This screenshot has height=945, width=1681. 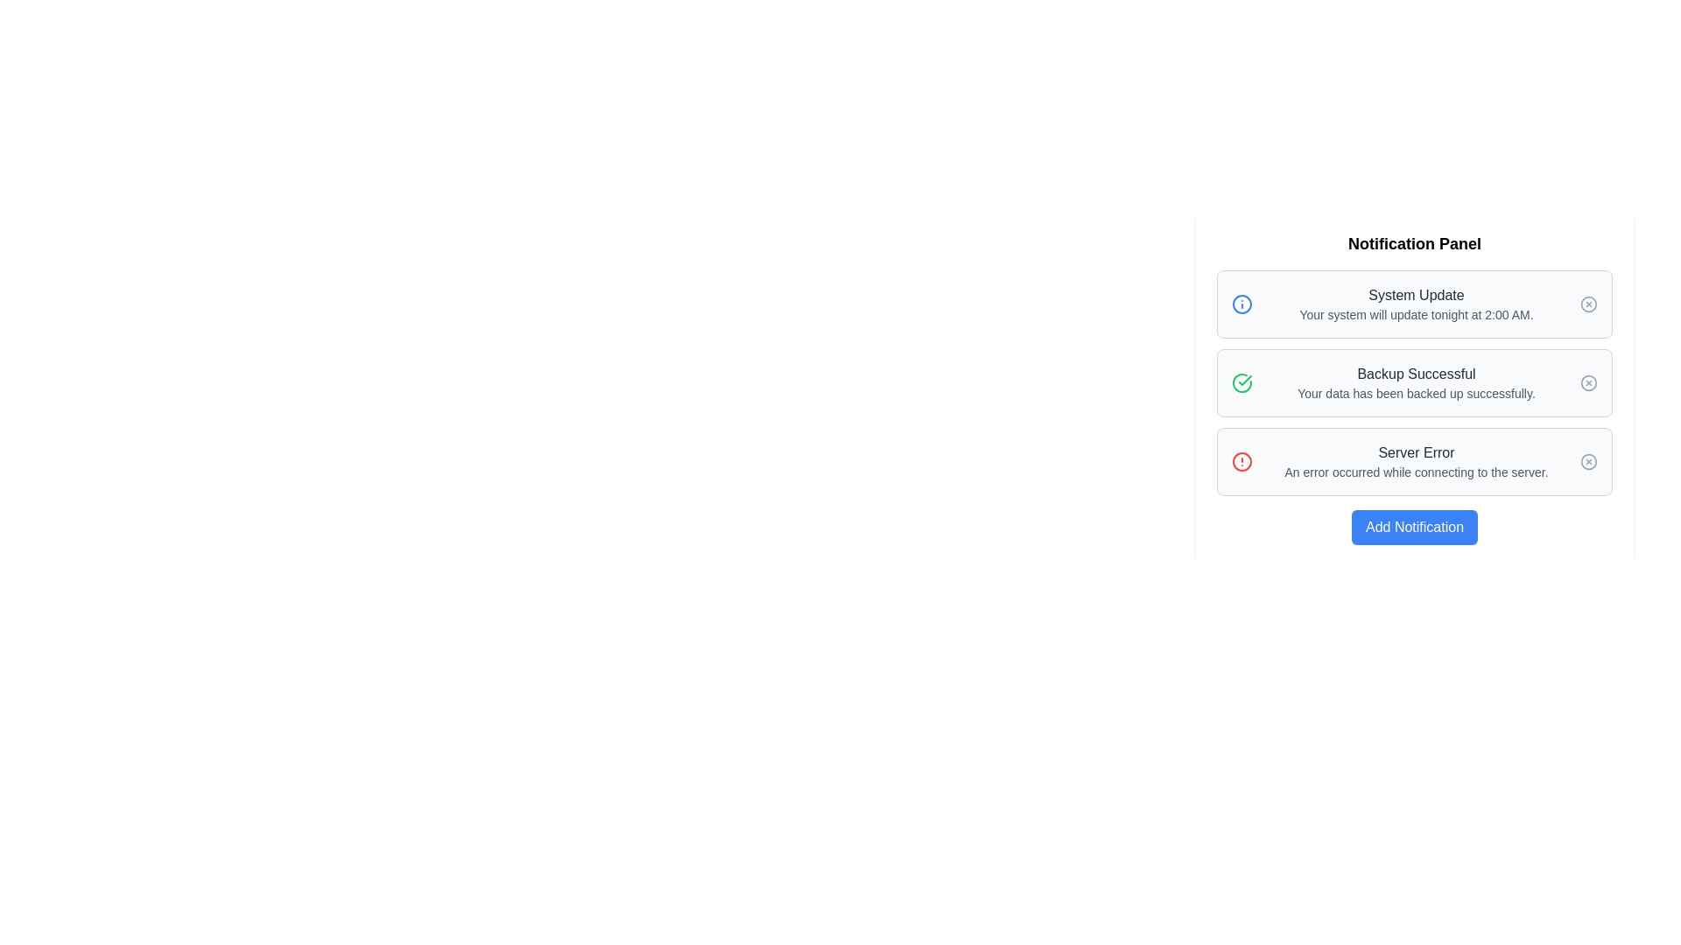 I want to click on the static text element that states 'Your system will update tonight at 2:00 AM.' which is located below the title 'System Update' in the notification card, so click(x=1416, y=313).